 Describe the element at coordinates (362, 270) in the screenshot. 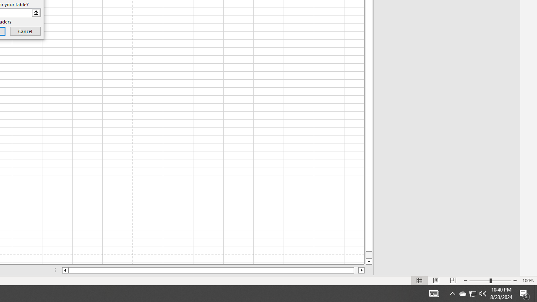

I see `'Column right'` at that location.